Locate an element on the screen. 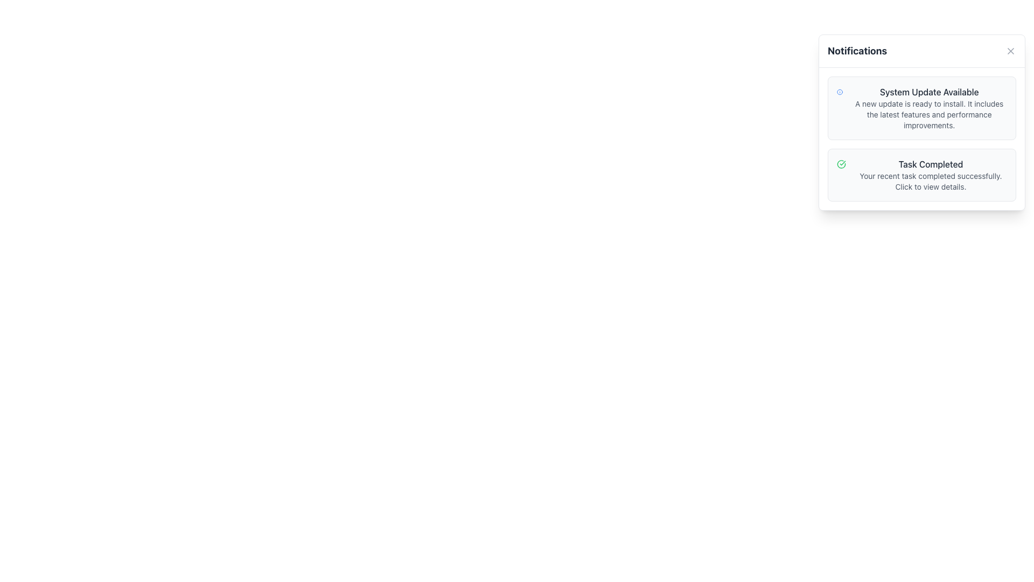 This screenshot has height=582, width=1034. the text block providing additional details about the system update, located below the title in the 'System Update Available' notification card is located at coordinates (928, 114).